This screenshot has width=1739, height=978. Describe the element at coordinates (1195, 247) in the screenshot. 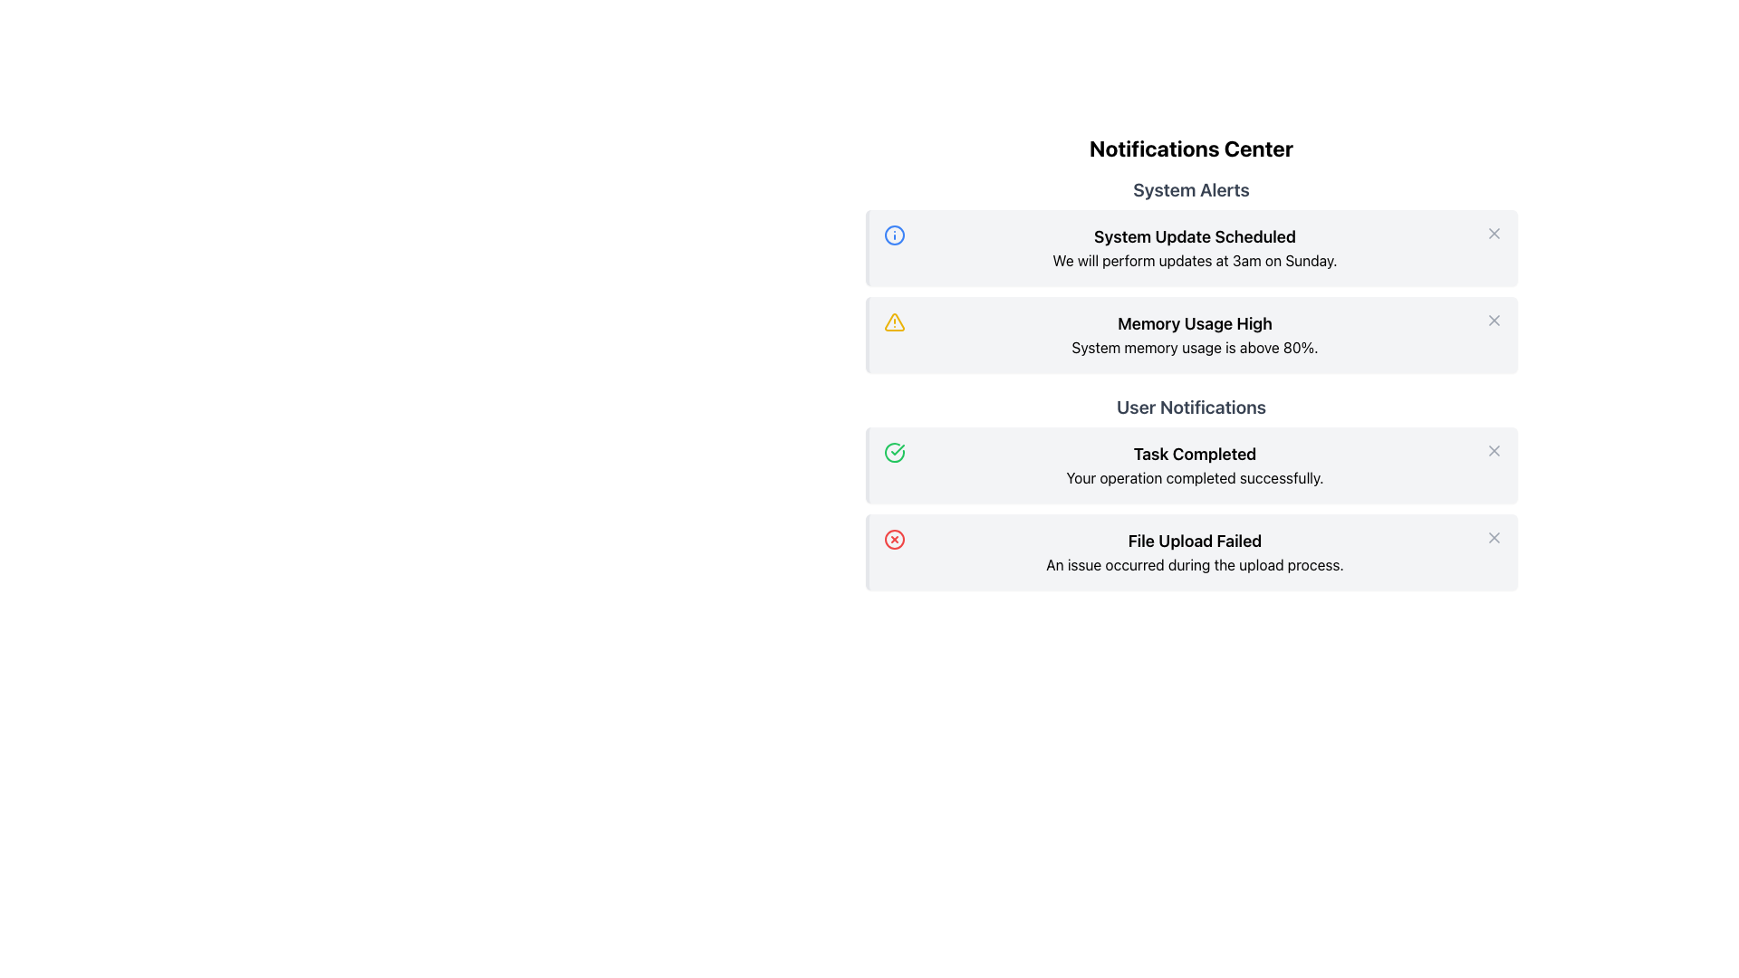

I see `the text block notification titled 'System Update Scheduled' which contains the subtext 'We will perform updates at 3am on Sunday.' located in the Notifications Center, specifically the second notification box from the top` at that location.